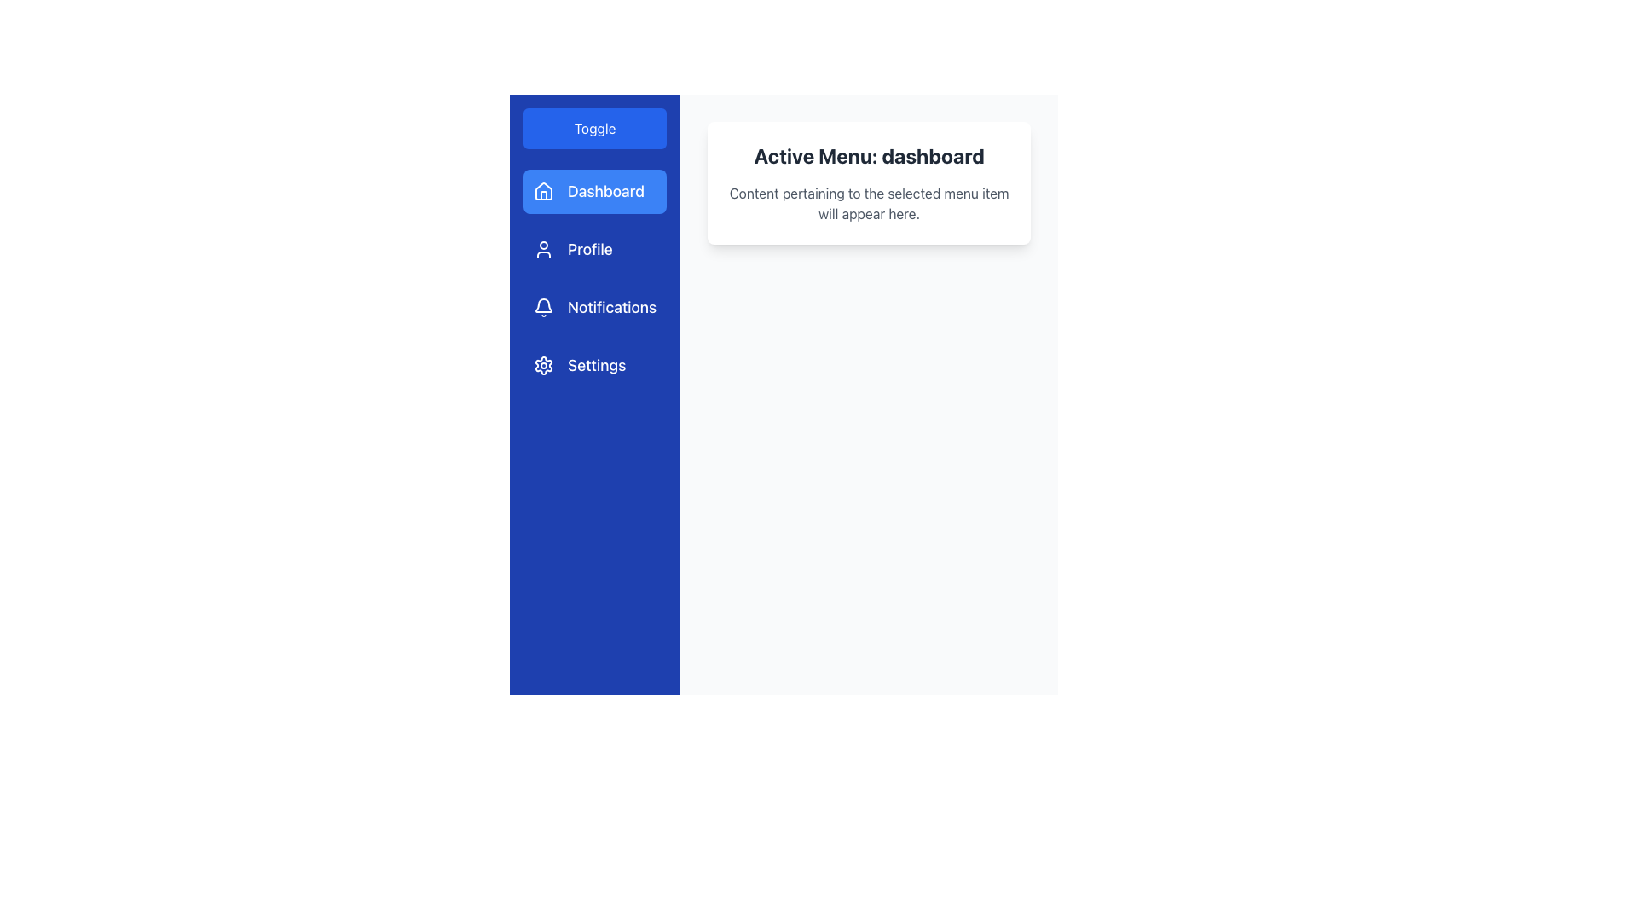 The image size is (1637, 921). What do you see at coordinates (543, 308) in the screenshot?
I see `the 'Notifications' icon in the vertical navigation menu` at bounding box center [543, 308].